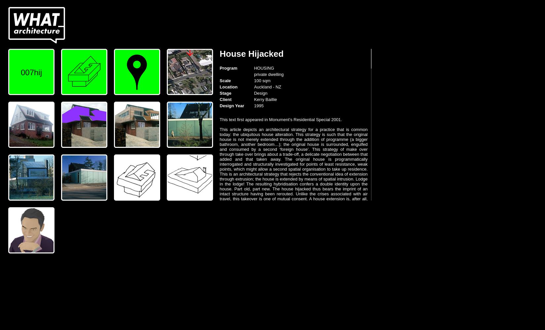 The height and width of the screenshot is (330, 545). What do you see at coordinates (219, 87) in the screenshot?
I see `'Location'` at bounding box center [219, 87].